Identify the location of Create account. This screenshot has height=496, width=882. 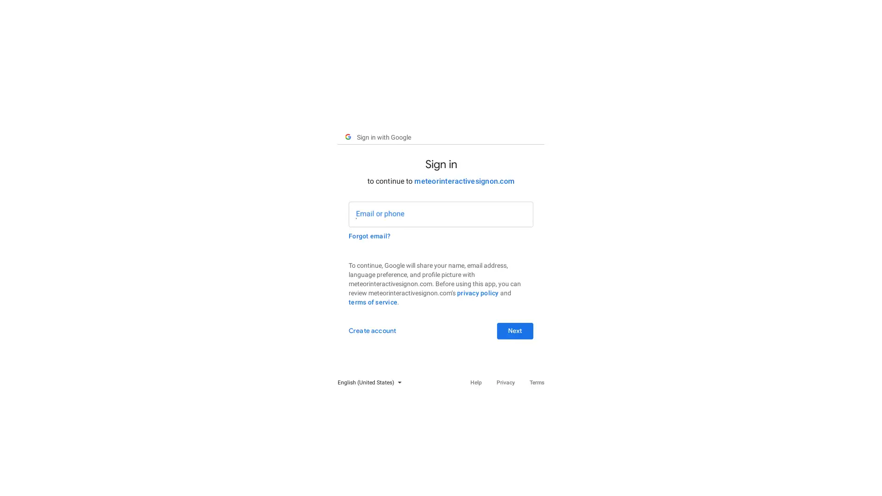
(380, 336).